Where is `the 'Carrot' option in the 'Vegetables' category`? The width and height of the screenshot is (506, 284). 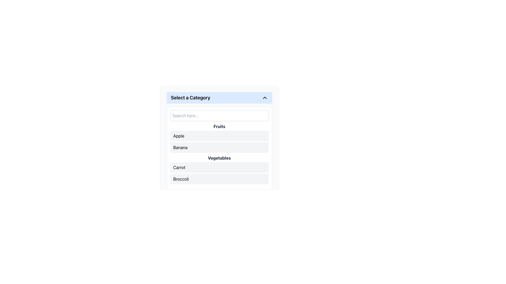
the 'Carrot' option in the 'Vegetables' category is located at coordinates (219, 169).